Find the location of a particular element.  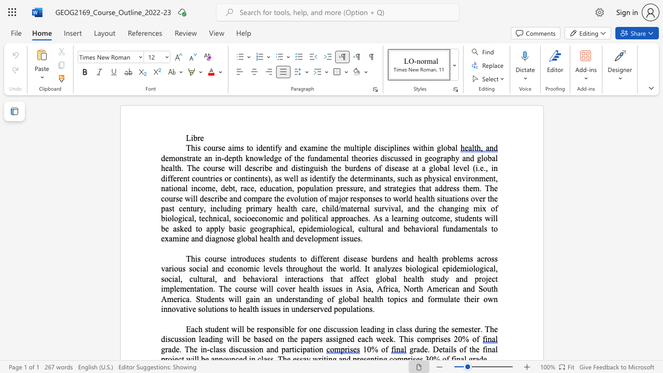

the 1th character "t" in the text is located at coordinates (247, 148).